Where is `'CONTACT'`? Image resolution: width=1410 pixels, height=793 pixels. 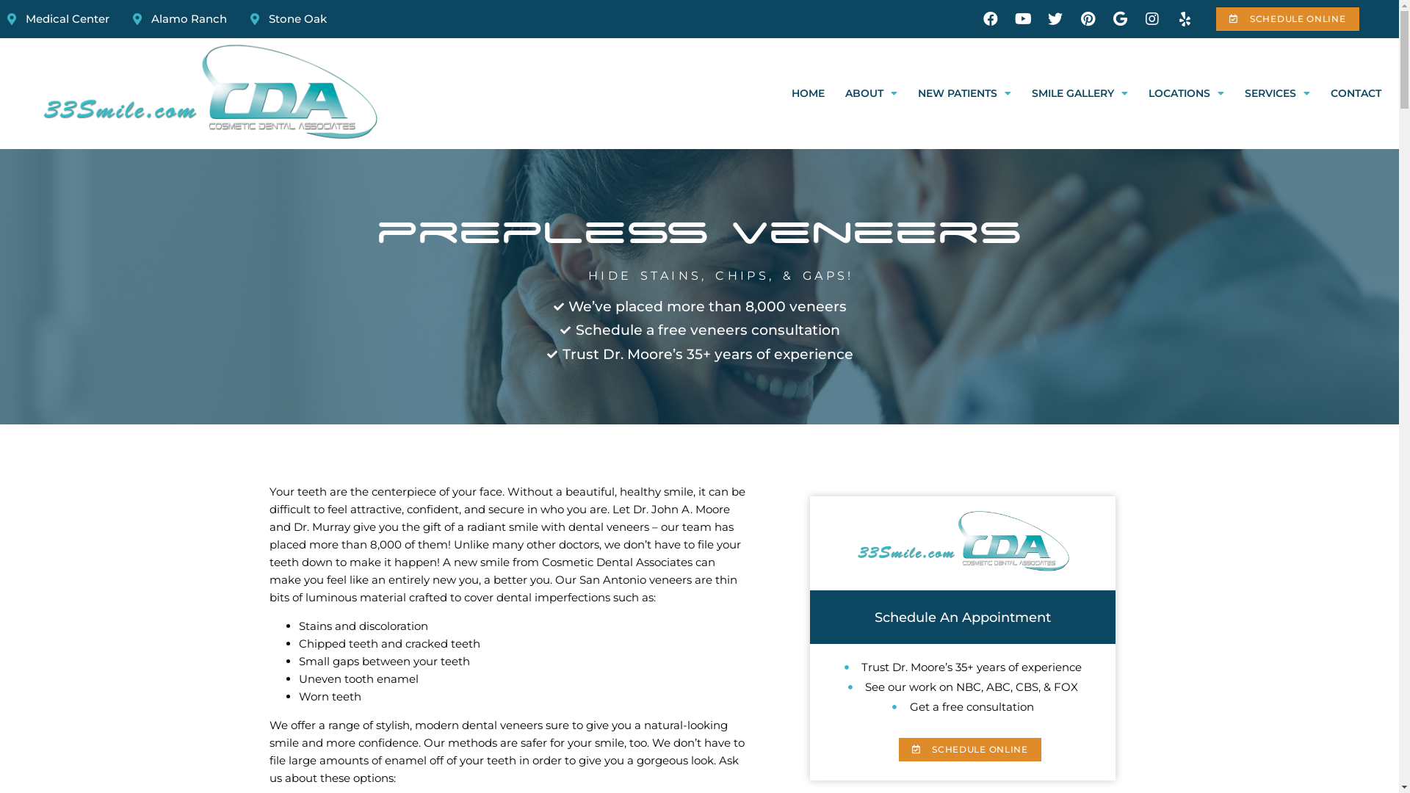
'CONTACT' is located at coordinates (1355, 93).